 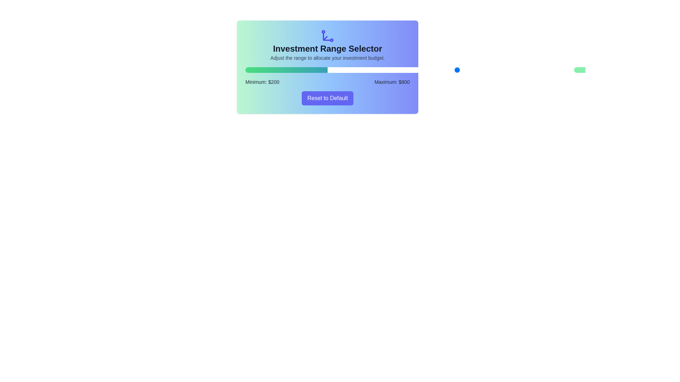 I want to click on the minimum investment range slider to 165, so click(x=355, y=70).